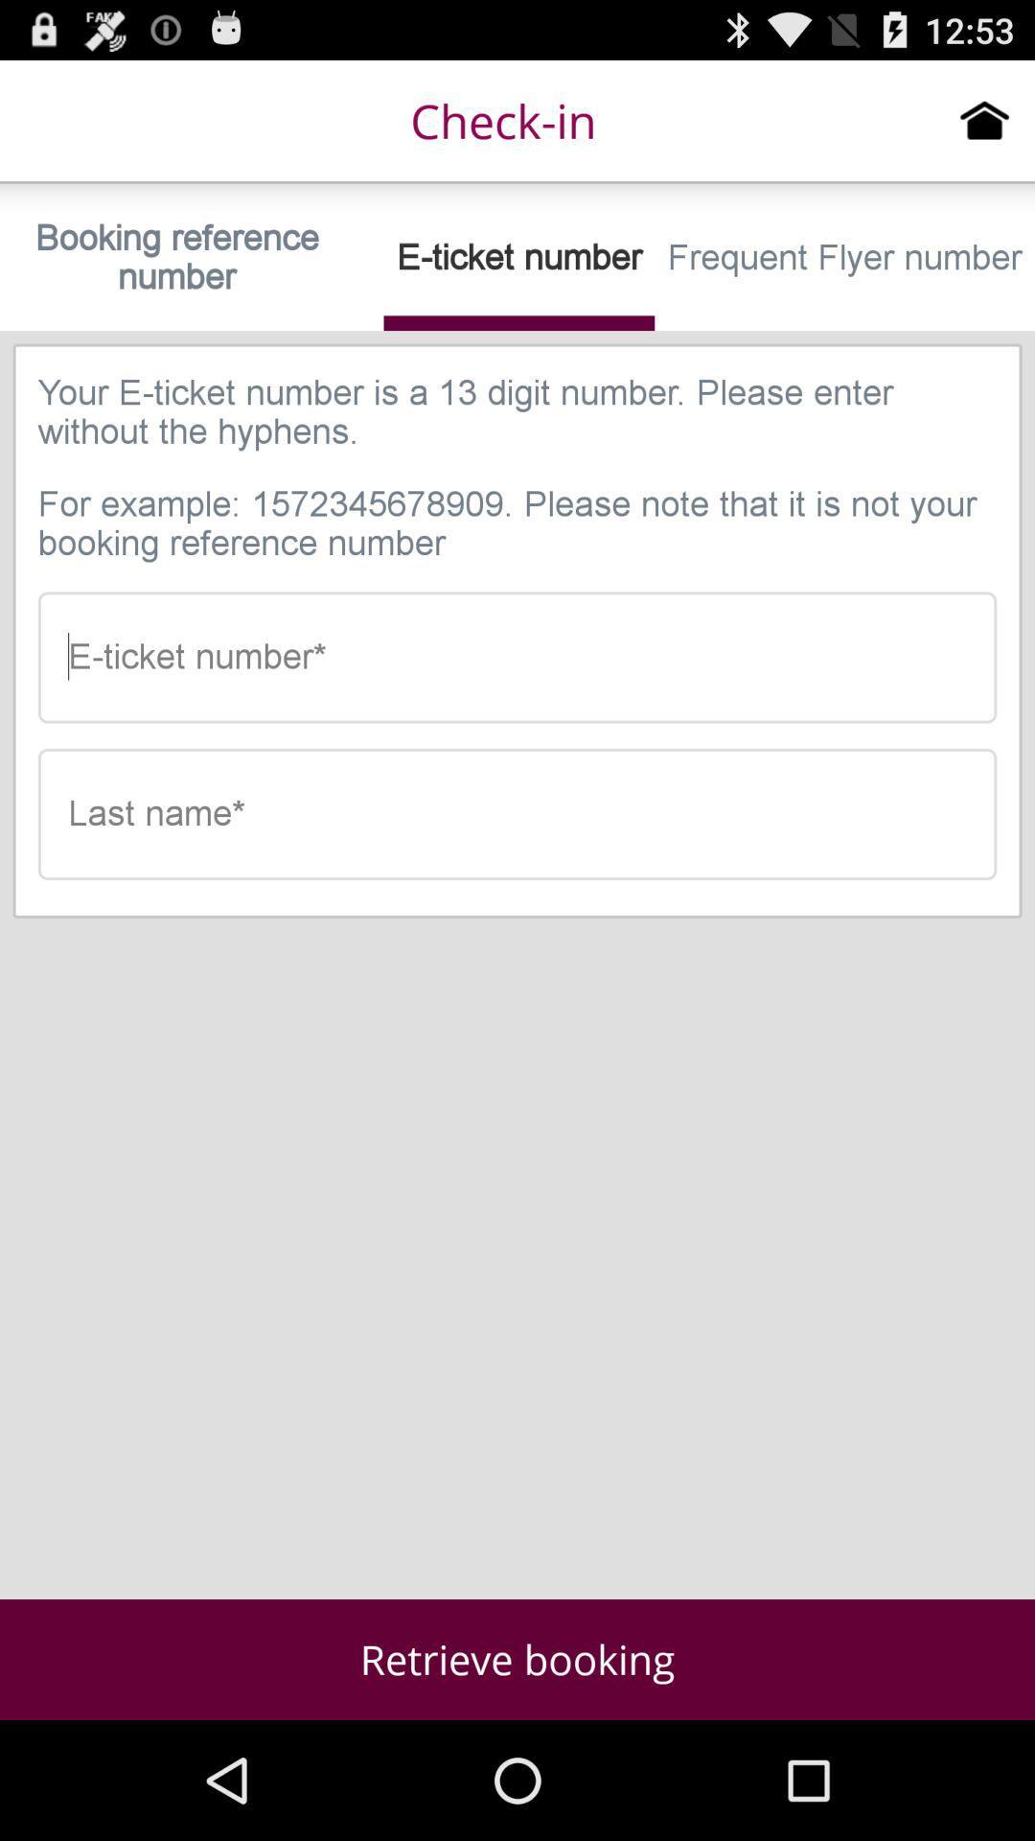  I want to click on the home page, so click(984, 119).